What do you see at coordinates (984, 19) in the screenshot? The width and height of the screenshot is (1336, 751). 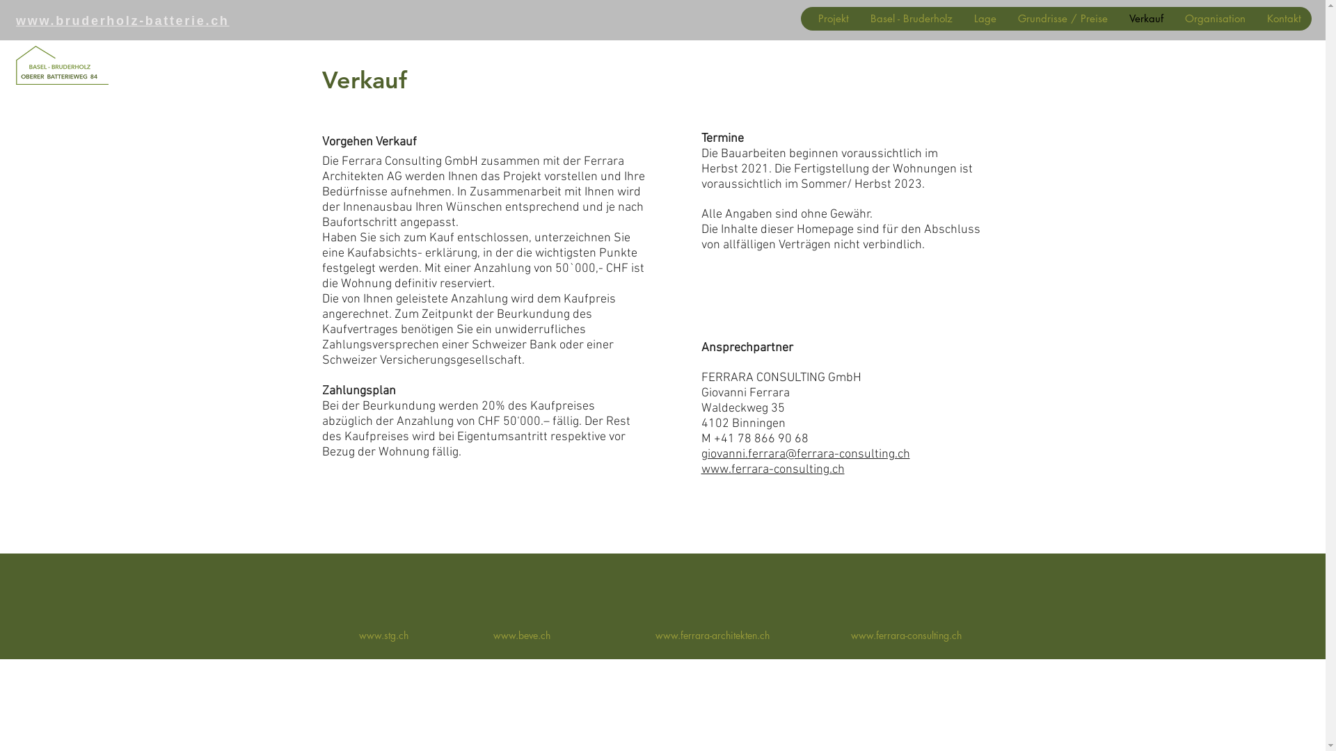 I see `'Lage'` at bounding box center [984, 19].